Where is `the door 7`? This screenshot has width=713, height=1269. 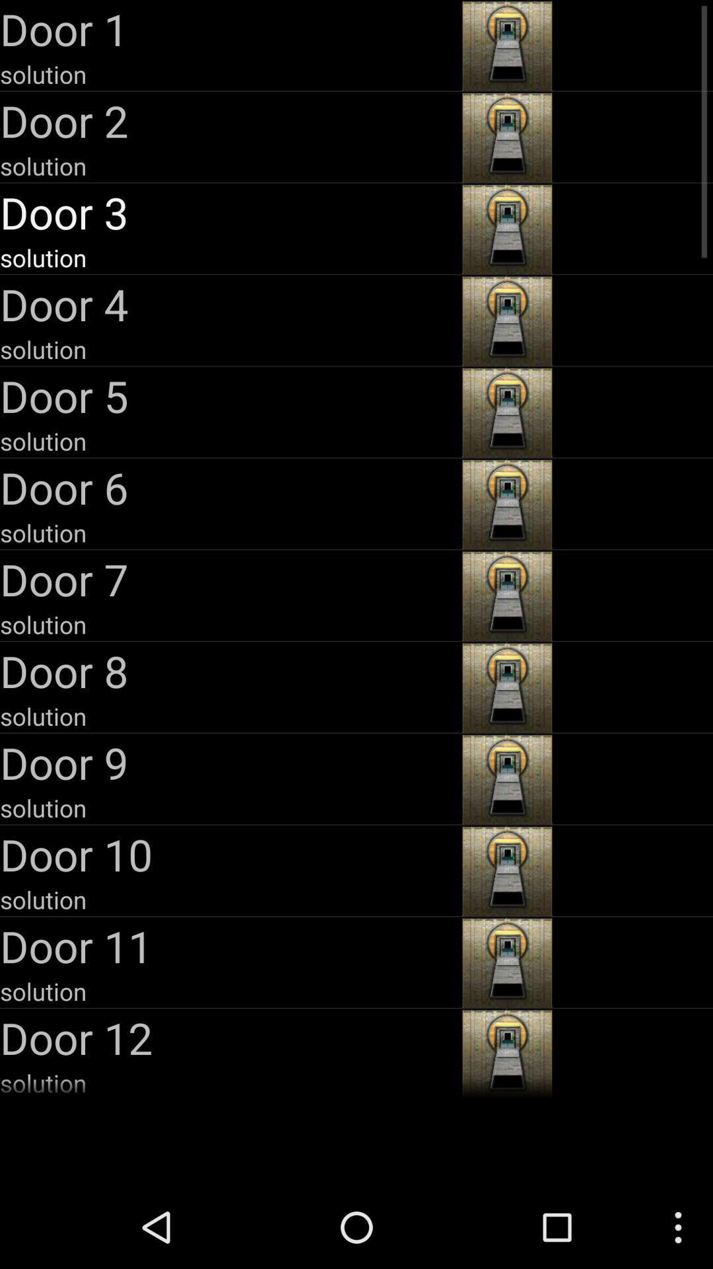
the door 7 is located at coordinates (228, 579).